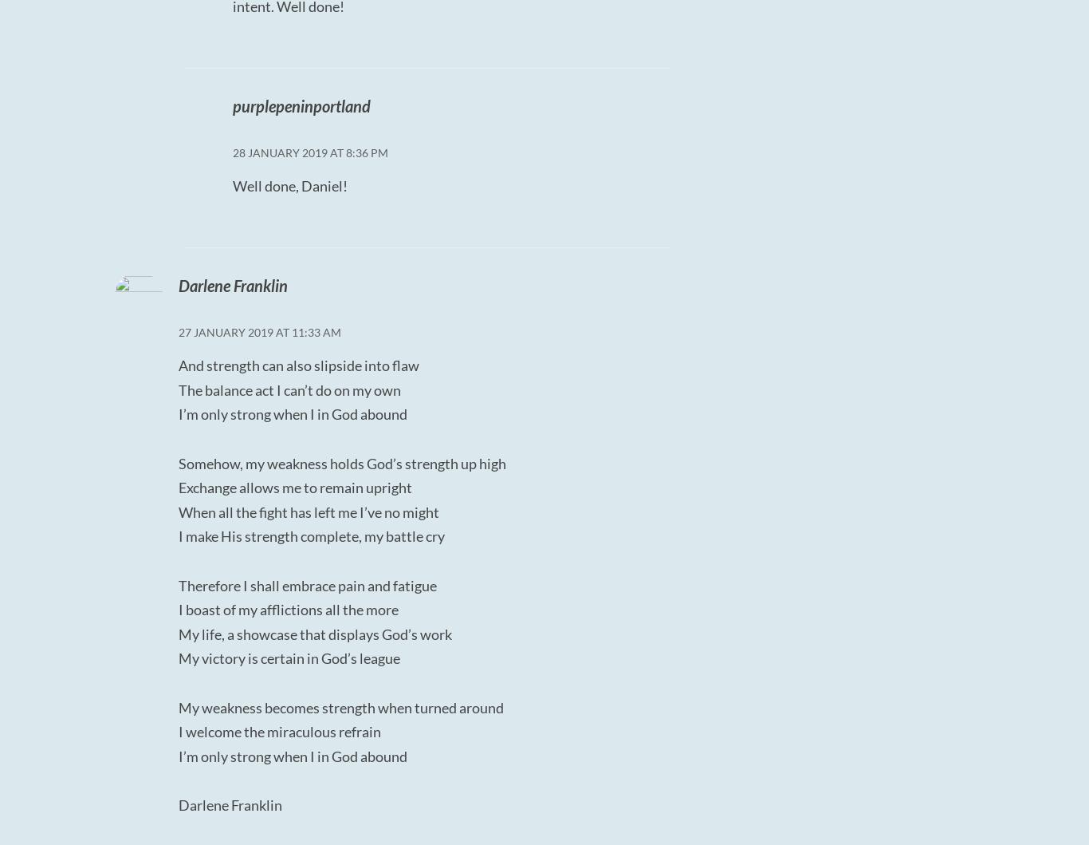 The image size is (1089, 845). Describe the element at coordinates (340, 706) in the screenshot. I see `'My weakness becomes strength when turned around'` at that location.